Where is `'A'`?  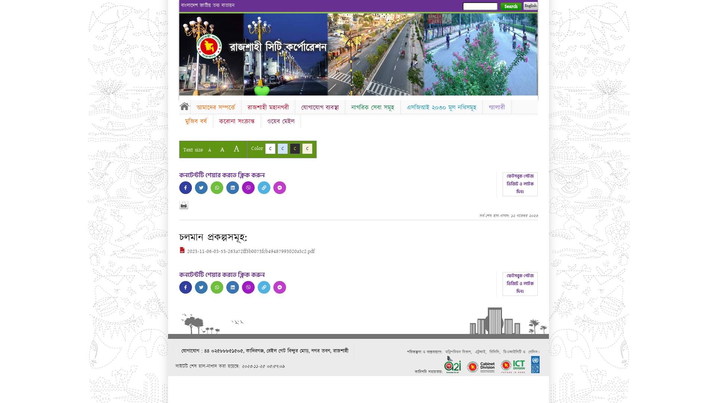
'A' is located at coordinates (222, 149).